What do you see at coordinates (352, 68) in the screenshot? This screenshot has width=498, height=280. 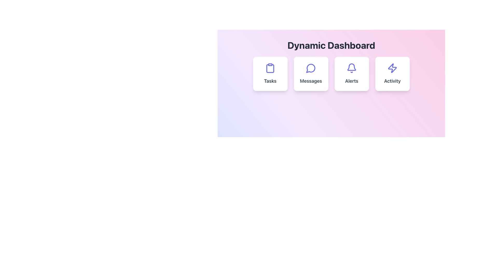 I see `the blue outlined bell icon located above the 'Alerts' label in the third card from the left` at bounding box center [352, 68].